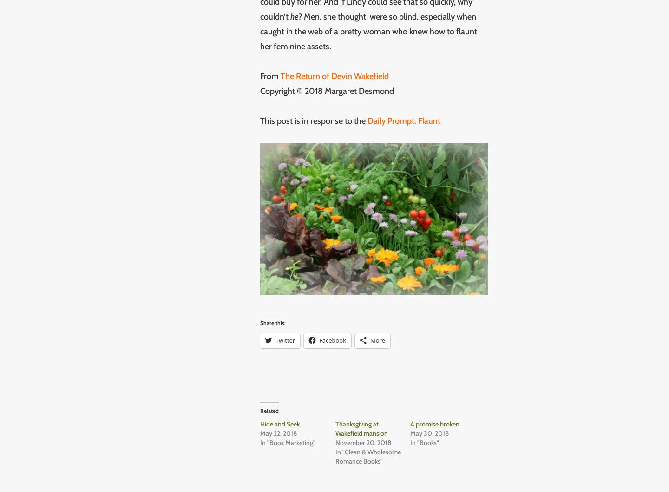 Image resolution: width=669 pixels, height=492 pixels. Describe the element at coordinates (270, 75) in the screenshot. I see `'From'` at that location.